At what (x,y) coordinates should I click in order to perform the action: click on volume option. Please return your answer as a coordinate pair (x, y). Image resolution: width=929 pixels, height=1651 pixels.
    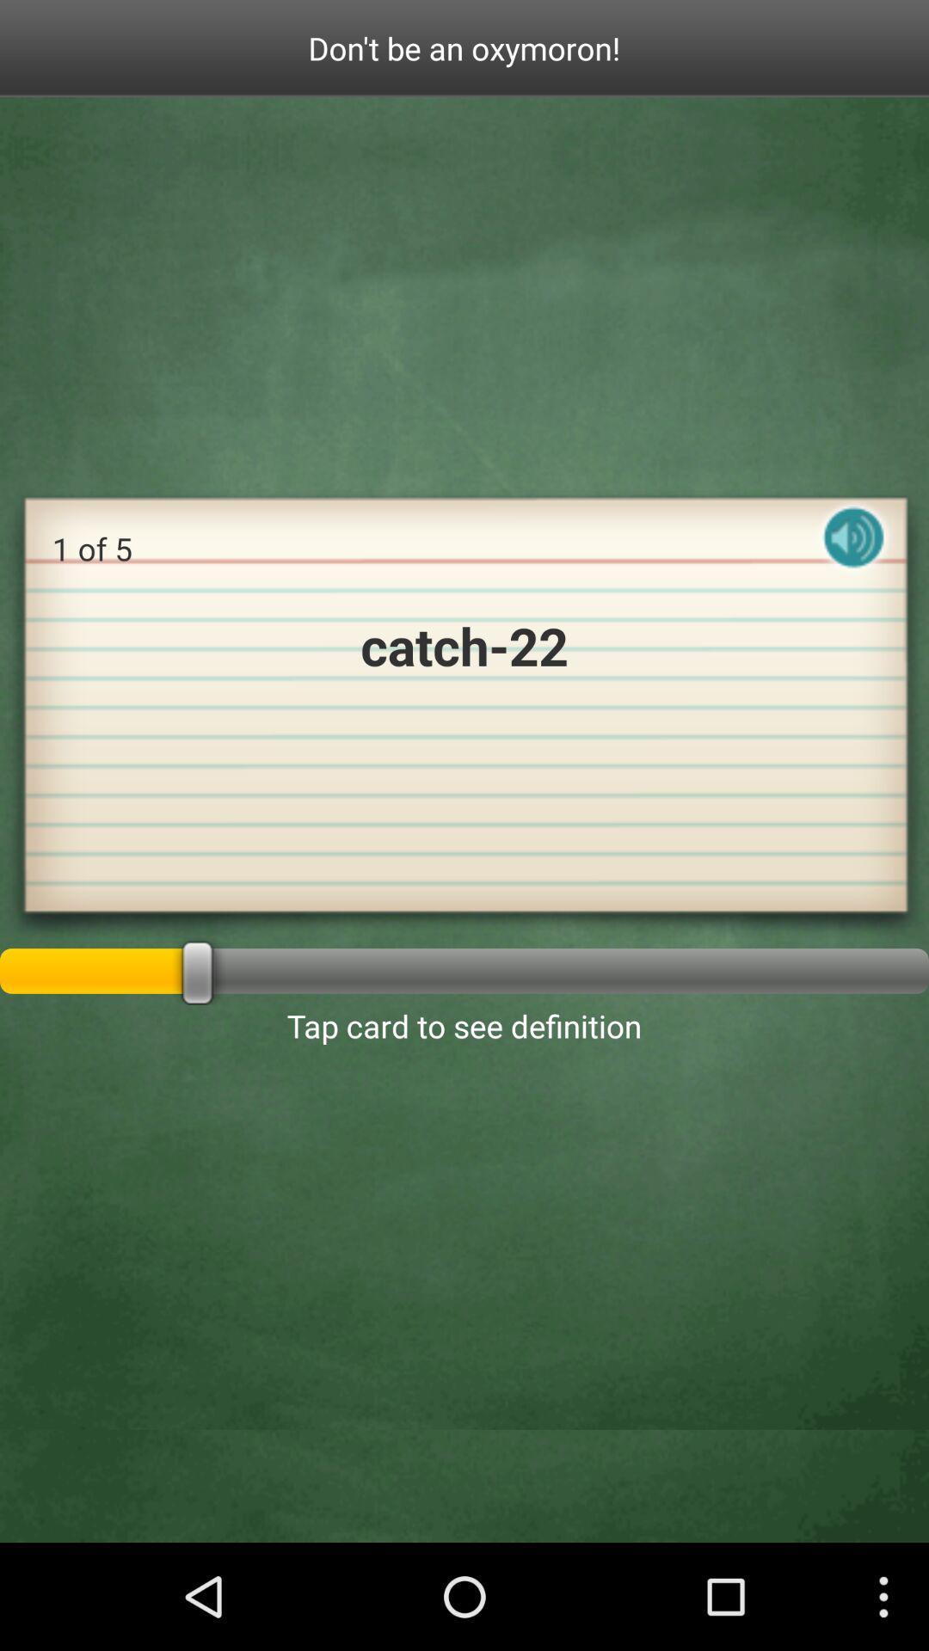
    Looking at the image, I should click on (853, 552).